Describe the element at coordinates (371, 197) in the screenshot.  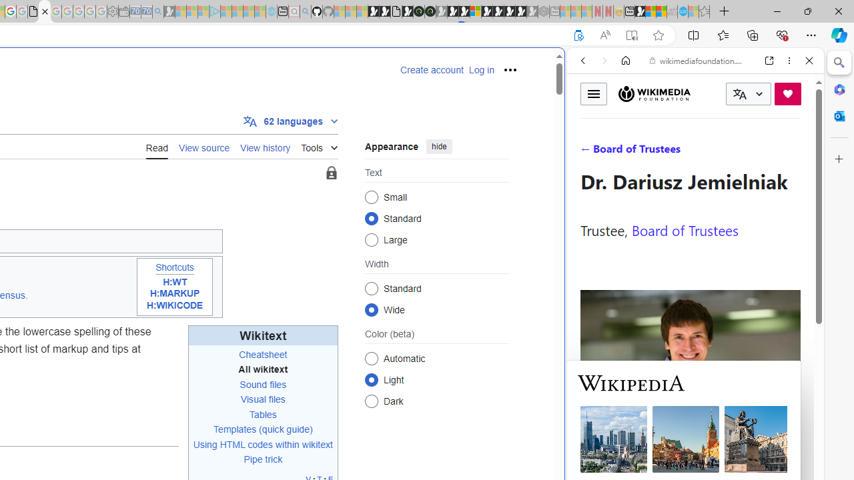
I see `'Small'` at that location.